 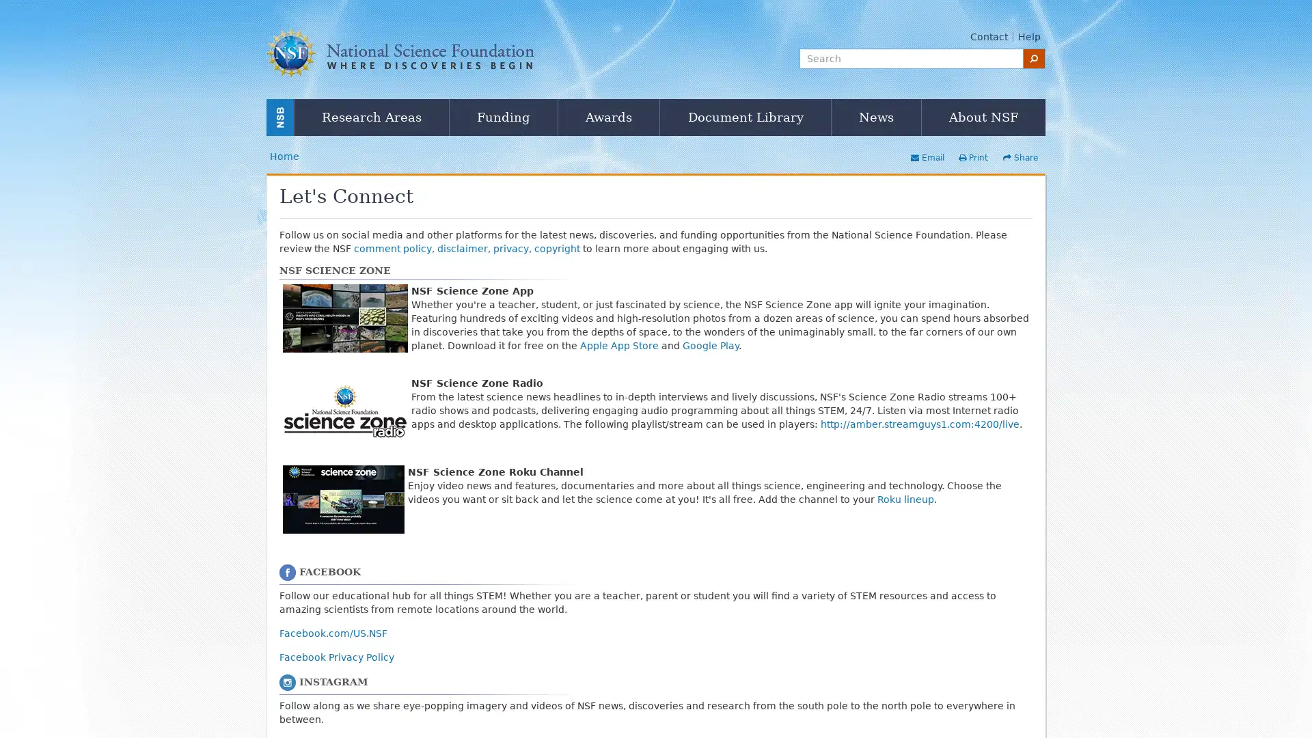 What do you see at coordinates (1034, 57) in the screenshot?
I see `search` at bounding box center [1034, 57].